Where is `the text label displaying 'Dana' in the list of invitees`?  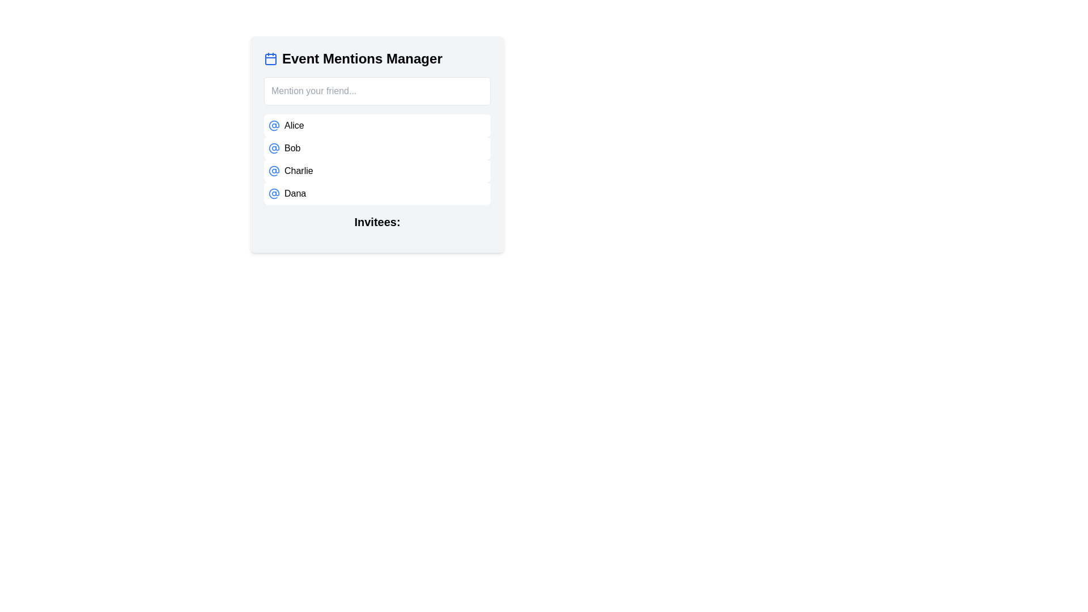 the text label displaying 'Dana' in the list of invitees is located at coordinates (295, 193).